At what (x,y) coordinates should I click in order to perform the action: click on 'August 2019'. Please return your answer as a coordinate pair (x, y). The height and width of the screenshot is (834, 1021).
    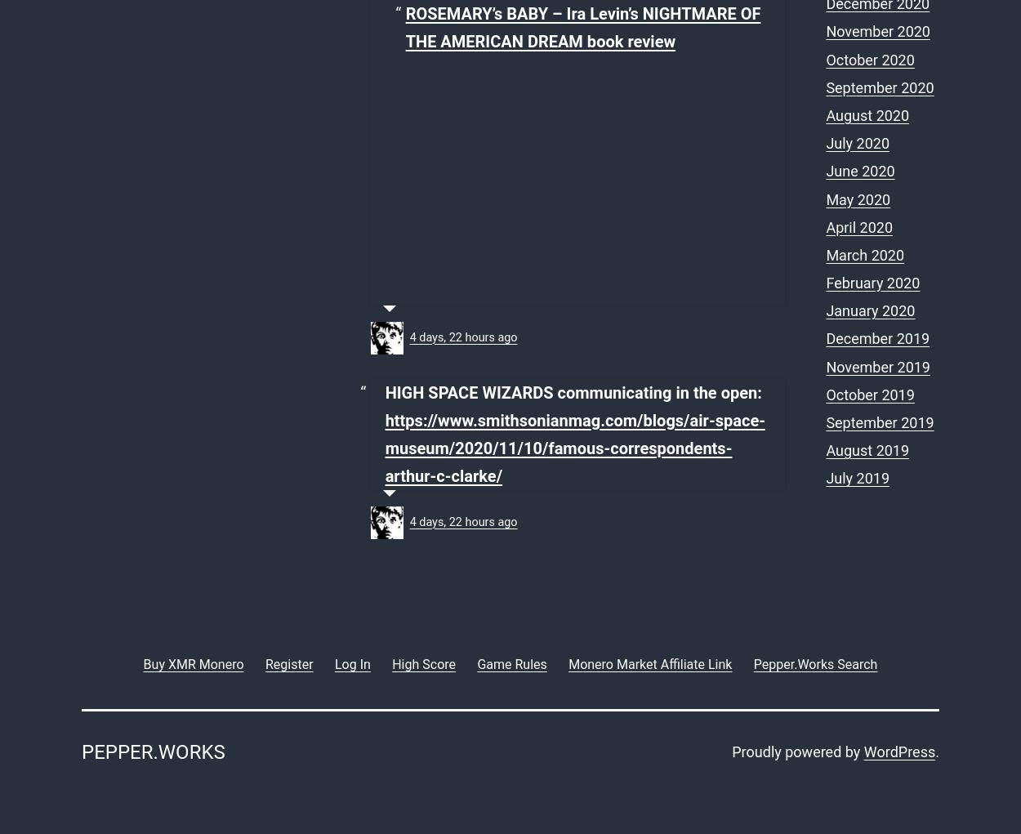
    Looking at the image, I should click on (867, 449).